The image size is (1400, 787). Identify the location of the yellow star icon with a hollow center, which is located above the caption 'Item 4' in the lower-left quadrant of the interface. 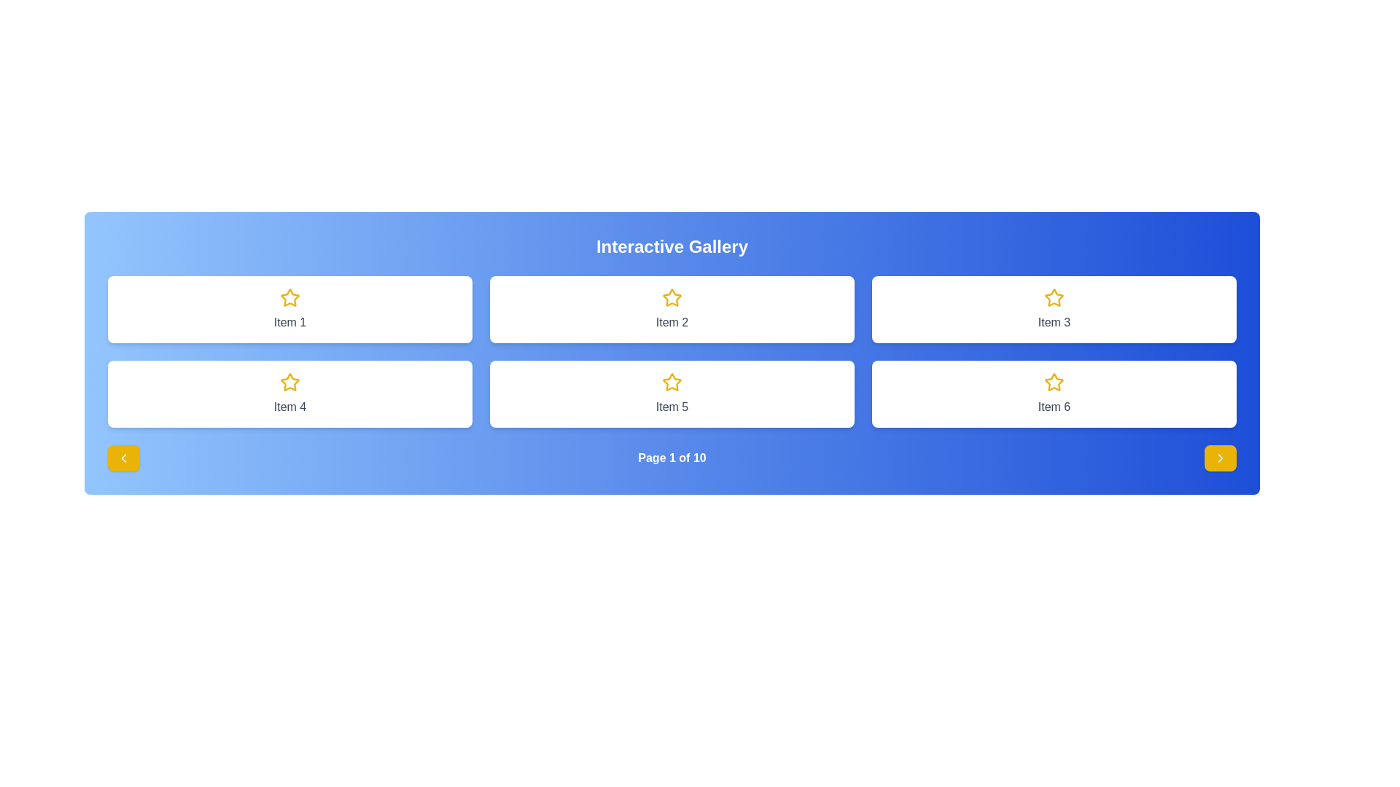
(290, 381).